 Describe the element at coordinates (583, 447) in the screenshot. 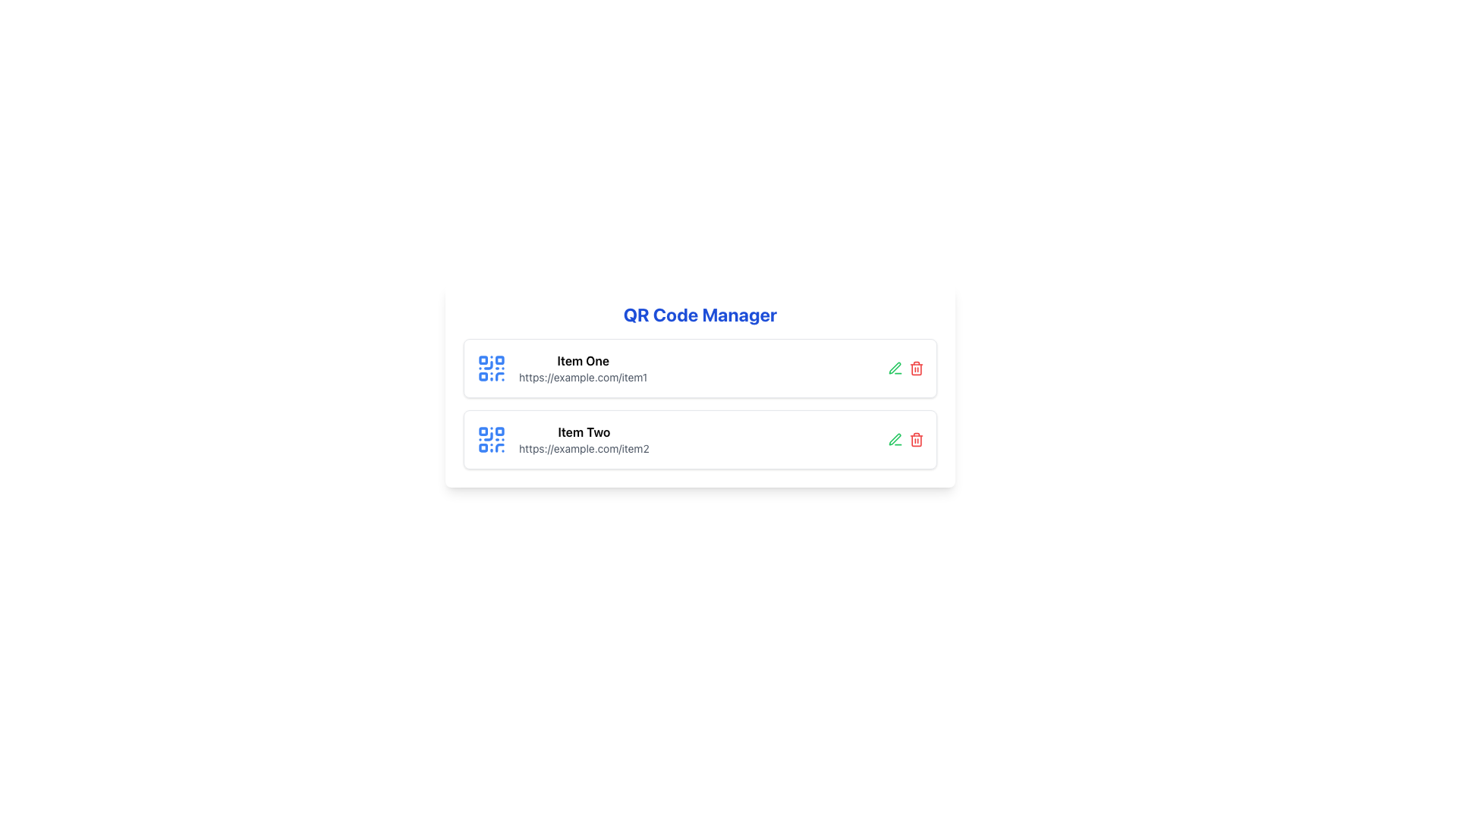

I see `the static text displaying the URL associated with 'Item Two', located directly beneath the bold text of 'Item Two'` at that location.